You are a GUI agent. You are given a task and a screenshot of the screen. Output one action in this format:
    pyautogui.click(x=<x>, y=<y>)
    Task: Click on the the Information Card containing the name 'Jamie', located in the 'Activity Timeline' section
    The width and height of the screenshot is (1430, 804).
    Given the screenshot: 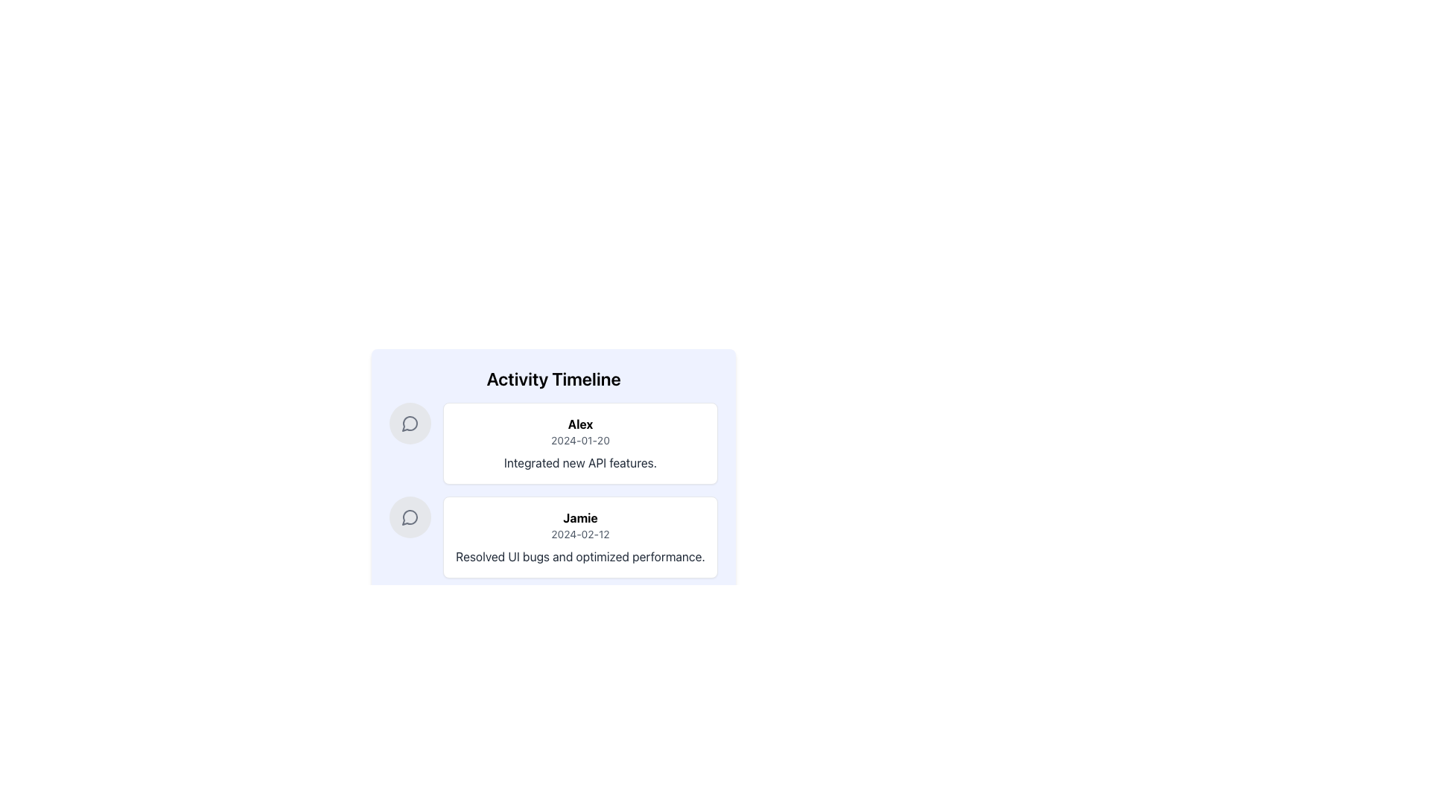 What is the action you would take?
    pyautogui.click(x=579, y=537)
    